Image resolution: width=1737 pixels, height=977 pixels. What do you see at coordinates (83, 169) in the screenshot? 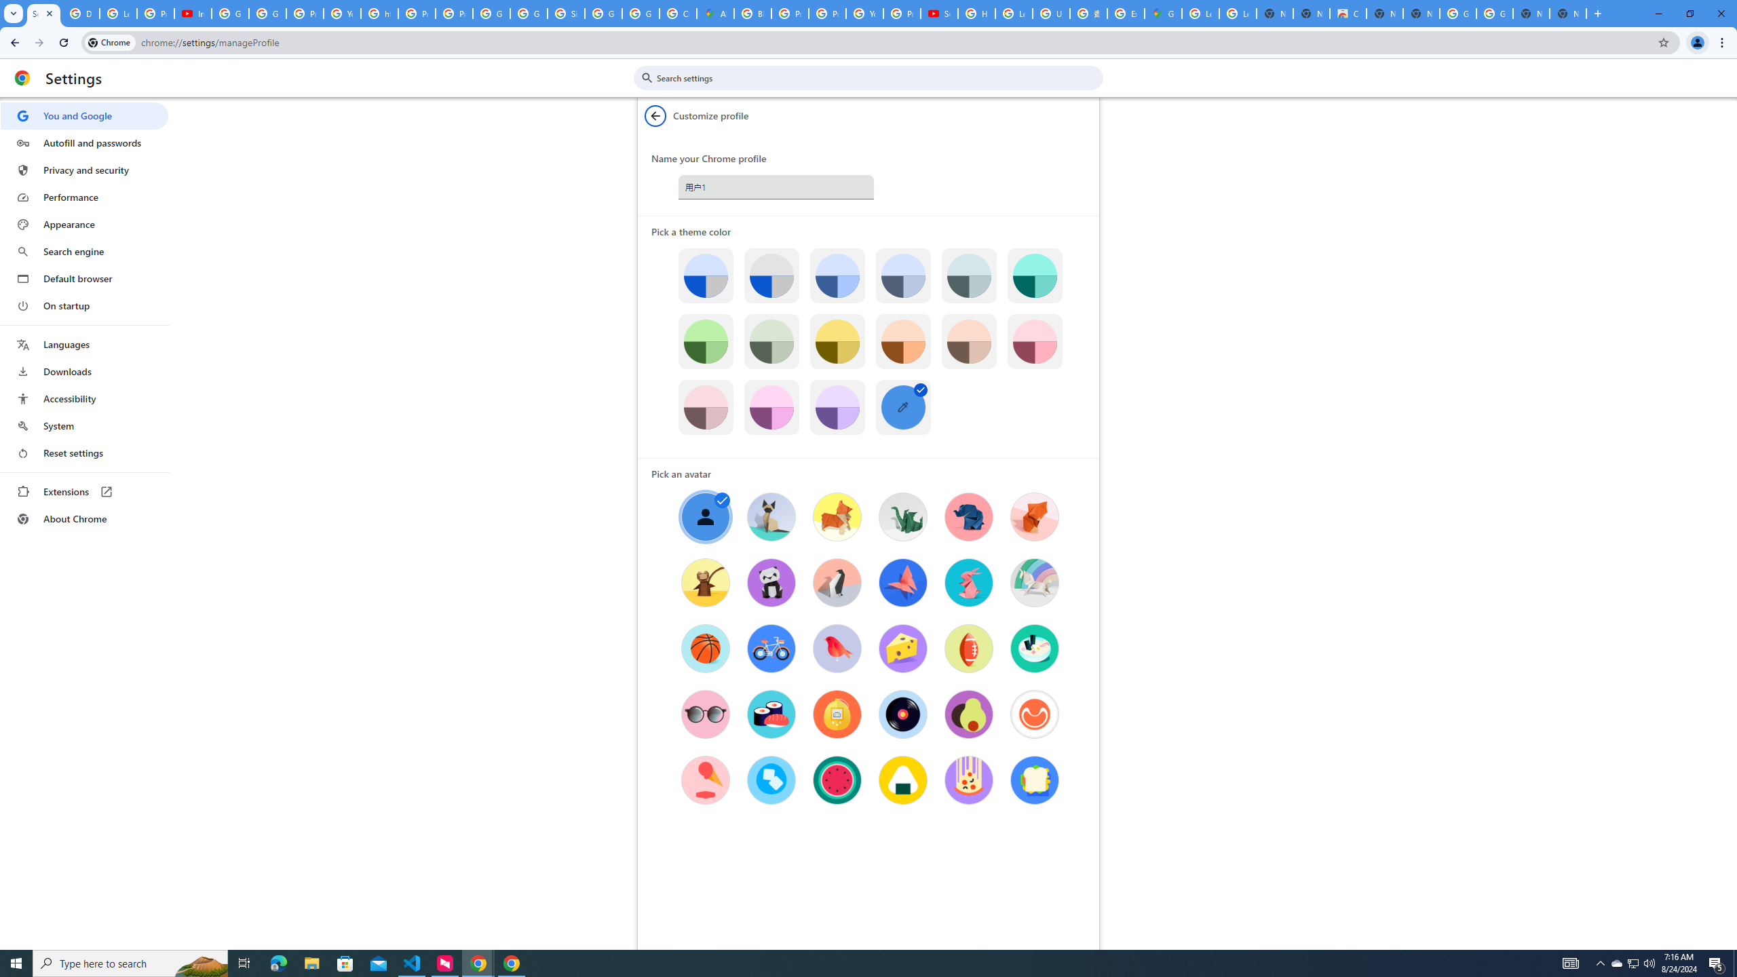
I see `'Privacy and security'` at bounding box center [83, 169].